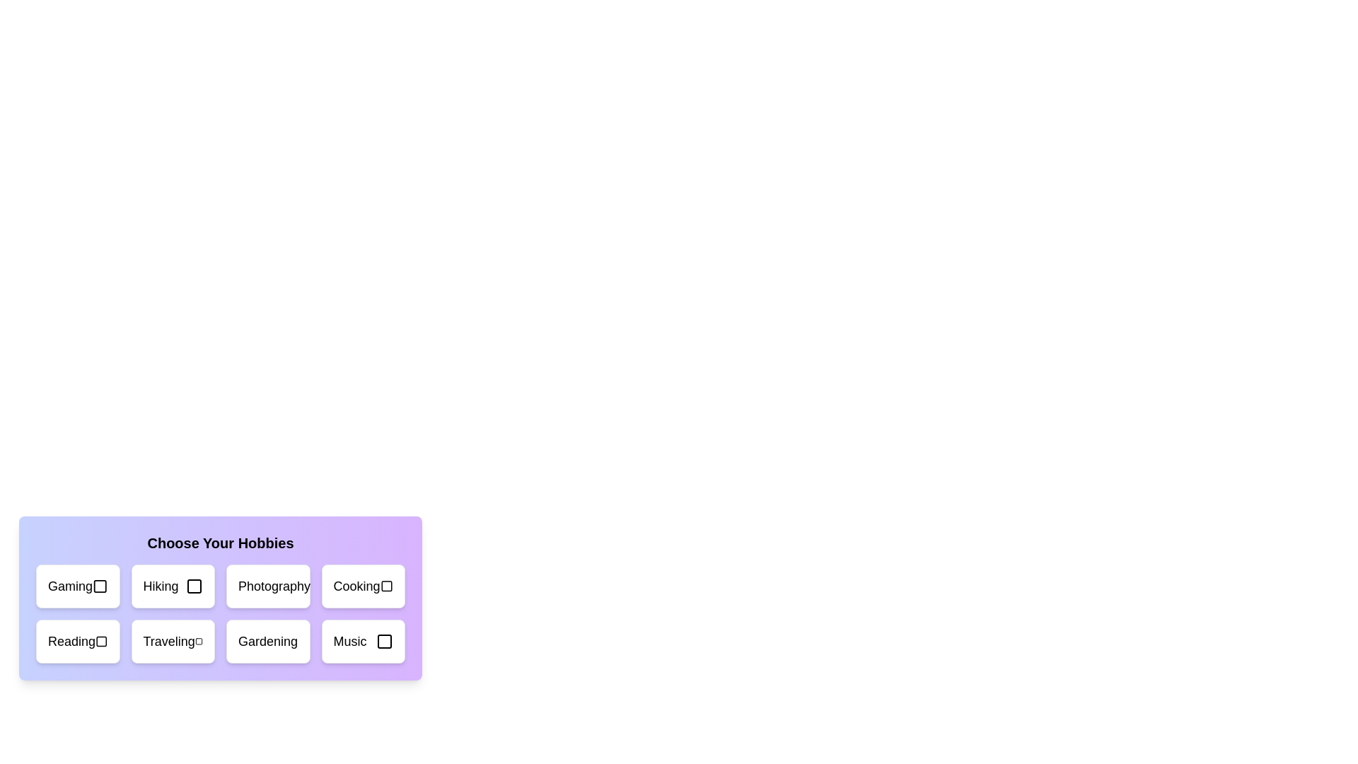  What do you see at coordinates (77, 641) in the screenshot?
I see `the hobby card labeled Reading` at bounding box center [77, 641].